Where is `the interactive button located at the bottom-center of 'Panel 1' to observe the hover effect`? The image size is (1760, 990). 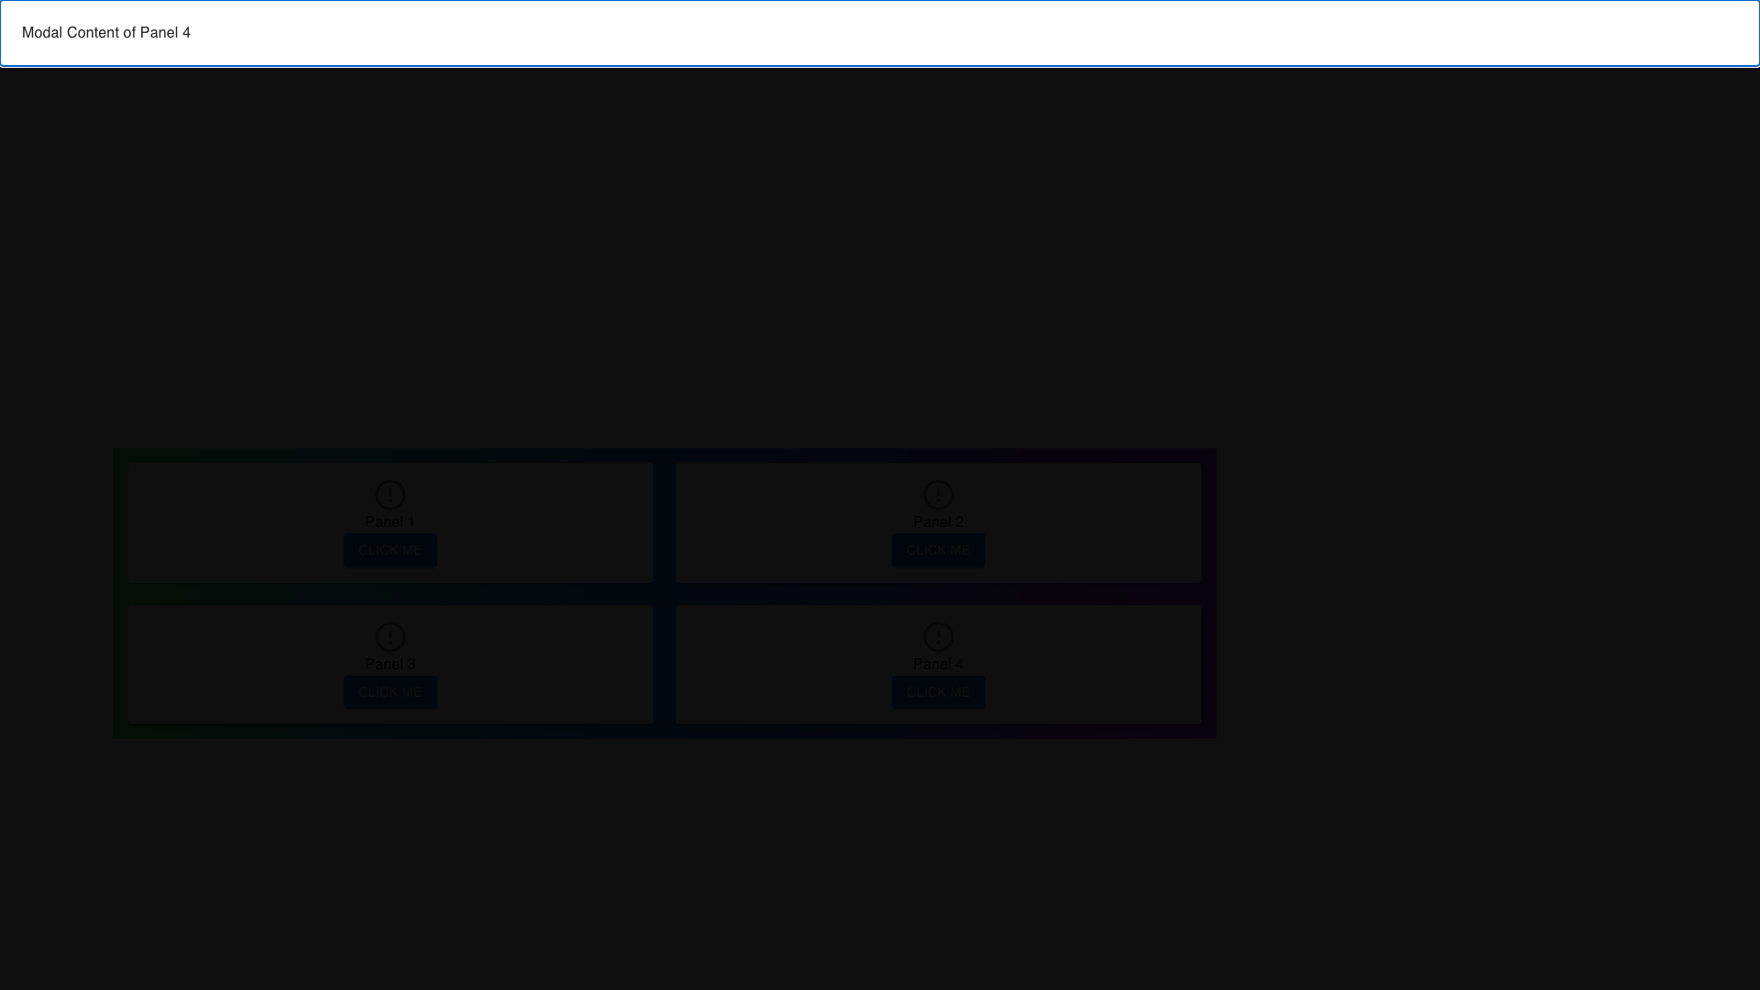
the interactive button located at the bottom-center of 'Panel 1' to observe the hover effect is located at coordinates (390, 549).